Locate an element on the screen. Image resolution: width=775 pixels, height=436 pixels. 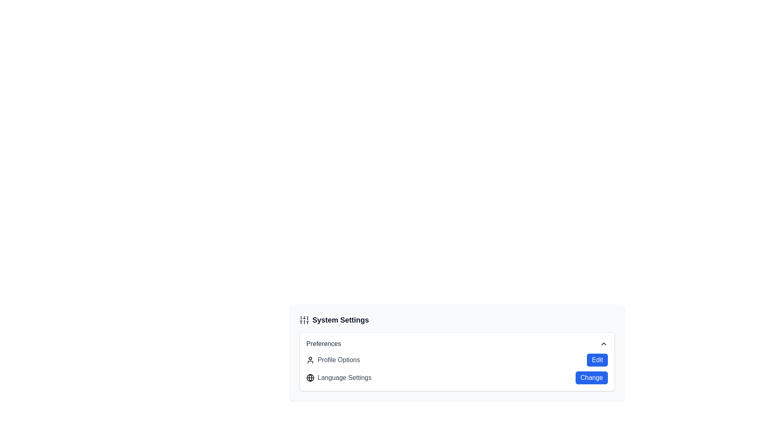
the chevron icon at the far right of the 'Preferences' section is located at coordinates (604, 344).